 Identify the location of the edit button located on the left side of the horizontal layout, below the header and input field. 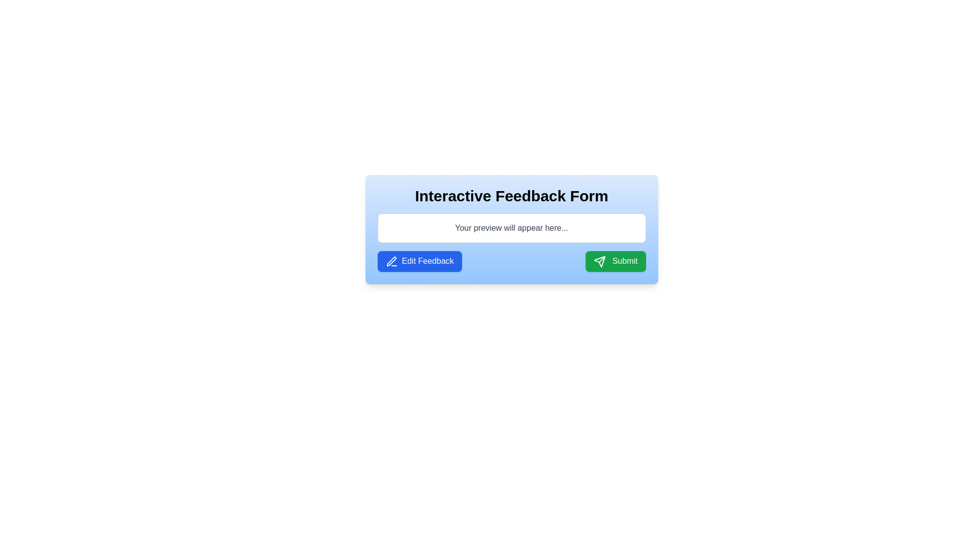
(419, 261).